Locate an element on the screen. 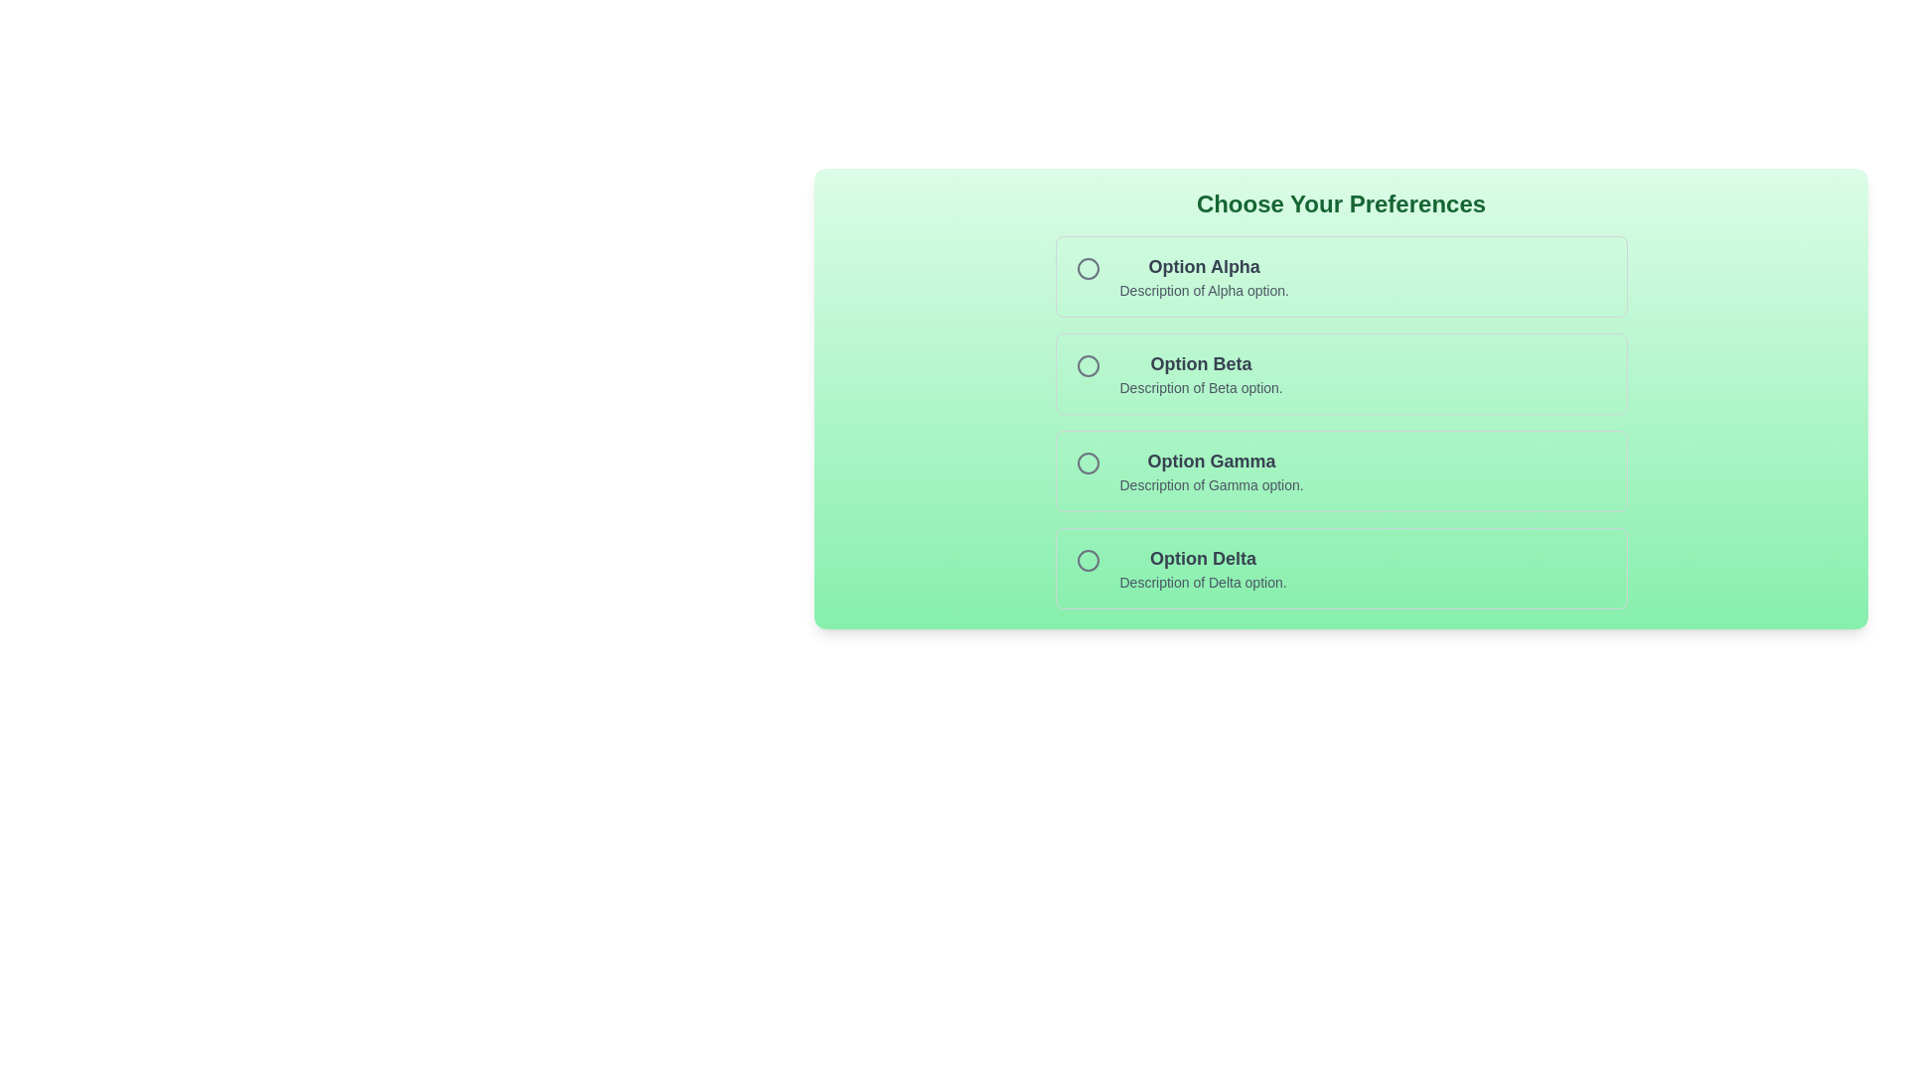 The image size is (1907, 1072). the circular selection indicator icon for 'Option Gamma' to confirm selection is located at coordinates (1087, 463).